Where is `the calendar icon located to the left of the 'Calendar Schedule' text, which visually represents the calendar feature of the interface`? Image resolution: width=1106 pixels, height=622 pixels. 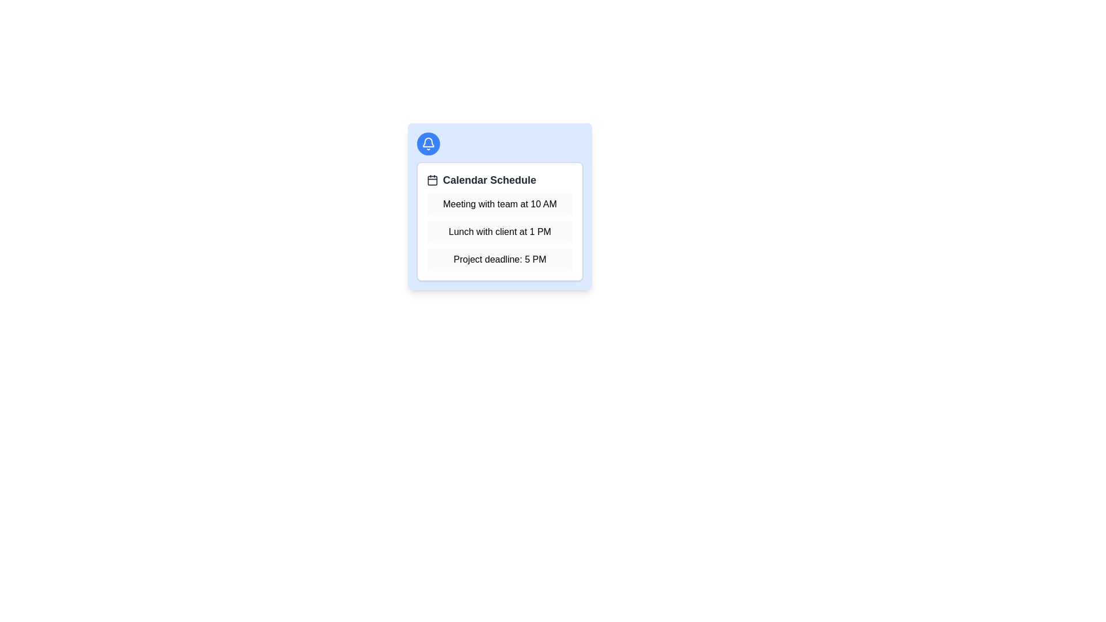
the calendar icon located to the left of the 'Calendar Schedule' text, which visually represents the calendar feature of the interface is located at coordinates (431, 180).